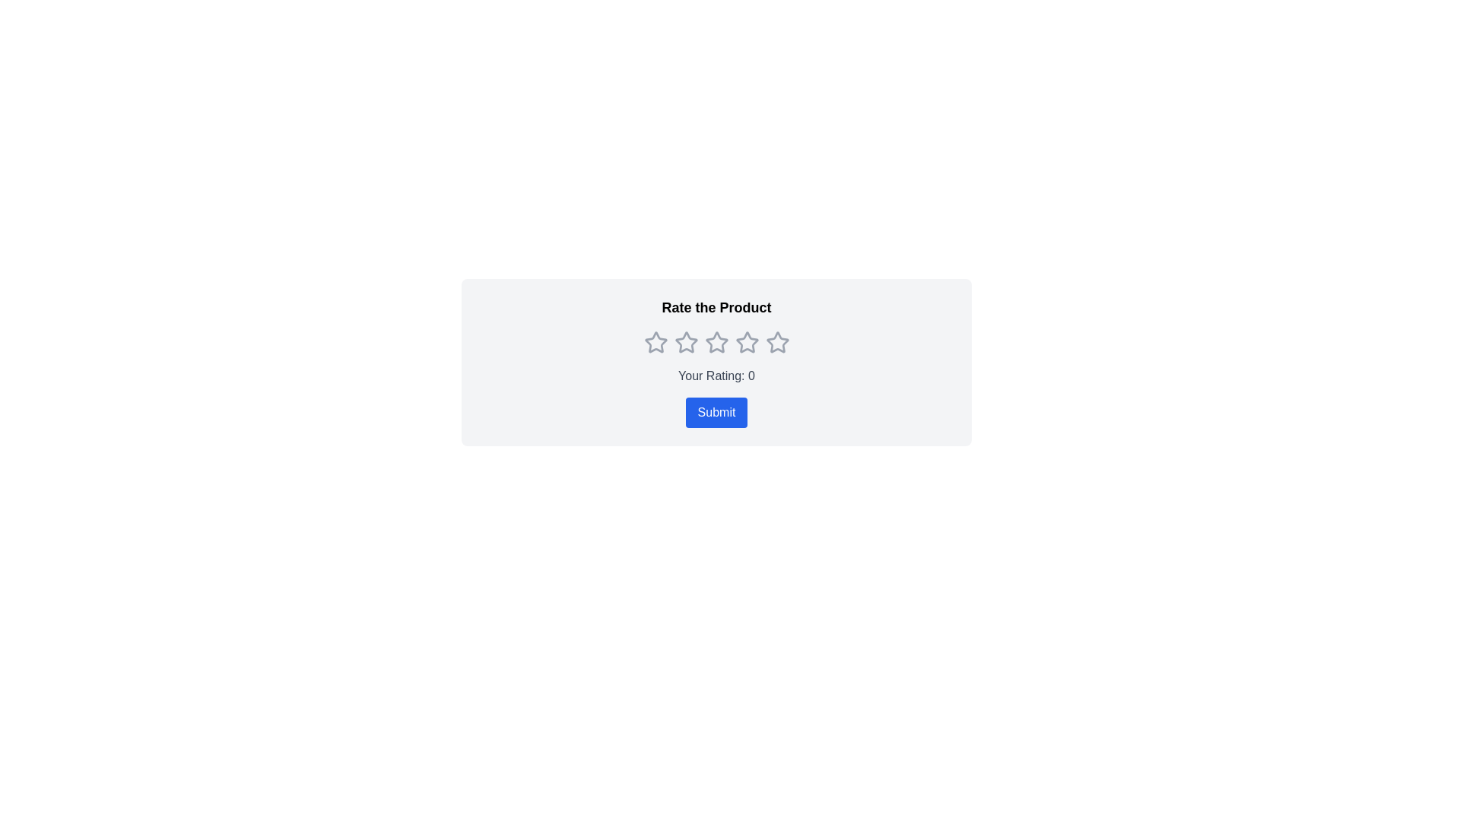  What do you see at coordinates (685, 342) in the screenshot?
I see `the second star in the Rating star component to set a two-star rating, which will indicate the user's selection and may trigger a visual change` at bounding box center [685, 342].